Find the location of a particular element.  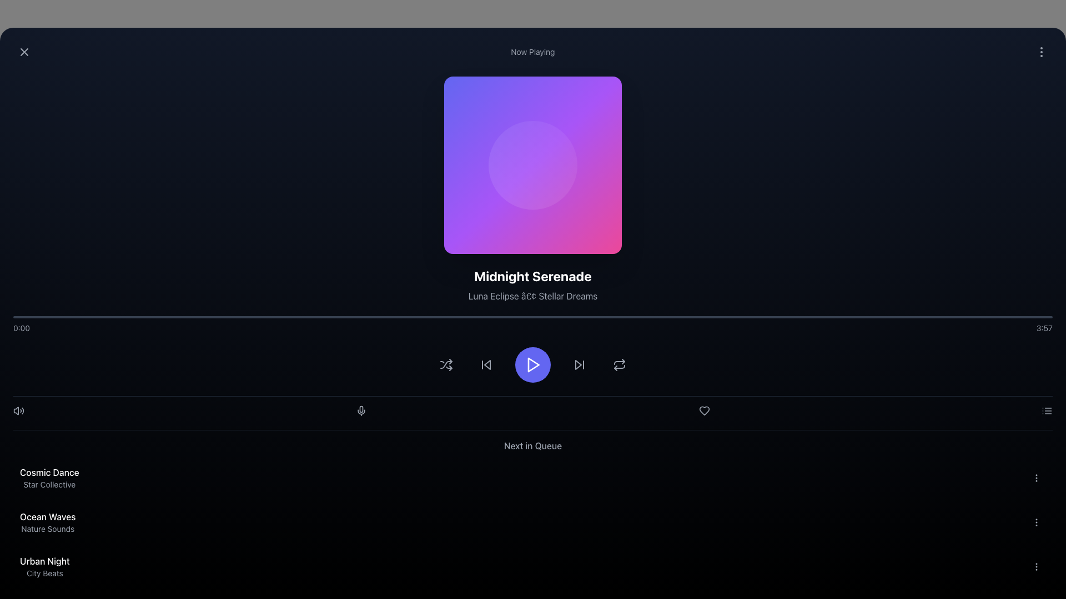

text displayed in the first entry of the 'Next in Queue' section which shows 'Cosmic Dance' and 'Star Collective' is located at coordinates (49, 477).